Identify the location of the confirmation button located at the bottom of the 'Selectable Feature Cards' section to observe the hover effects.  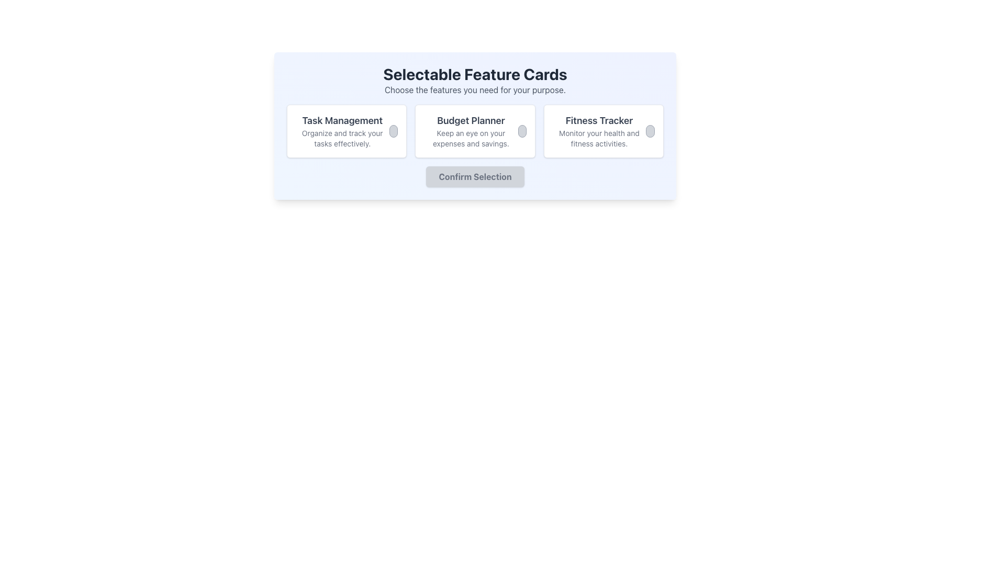
(474, 176).